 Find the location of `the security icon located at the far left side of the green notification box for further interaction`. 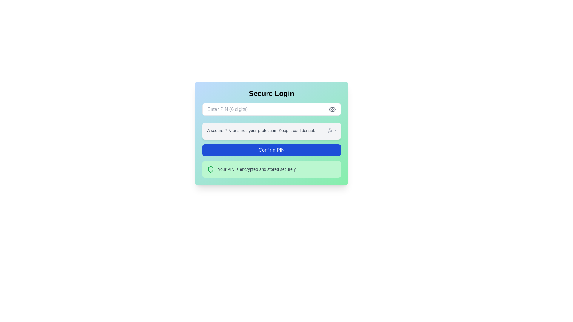

the security icon located at the far left side of the green notification box for further interaction is located at coordinates (210, 169).